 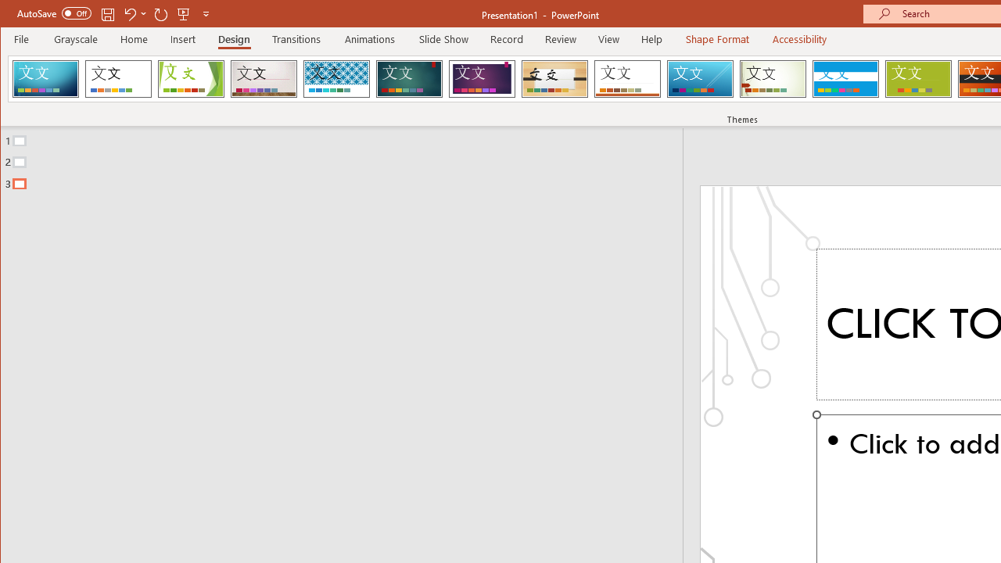 I want to click on 'Slide Show', so click(x=443, y=38).